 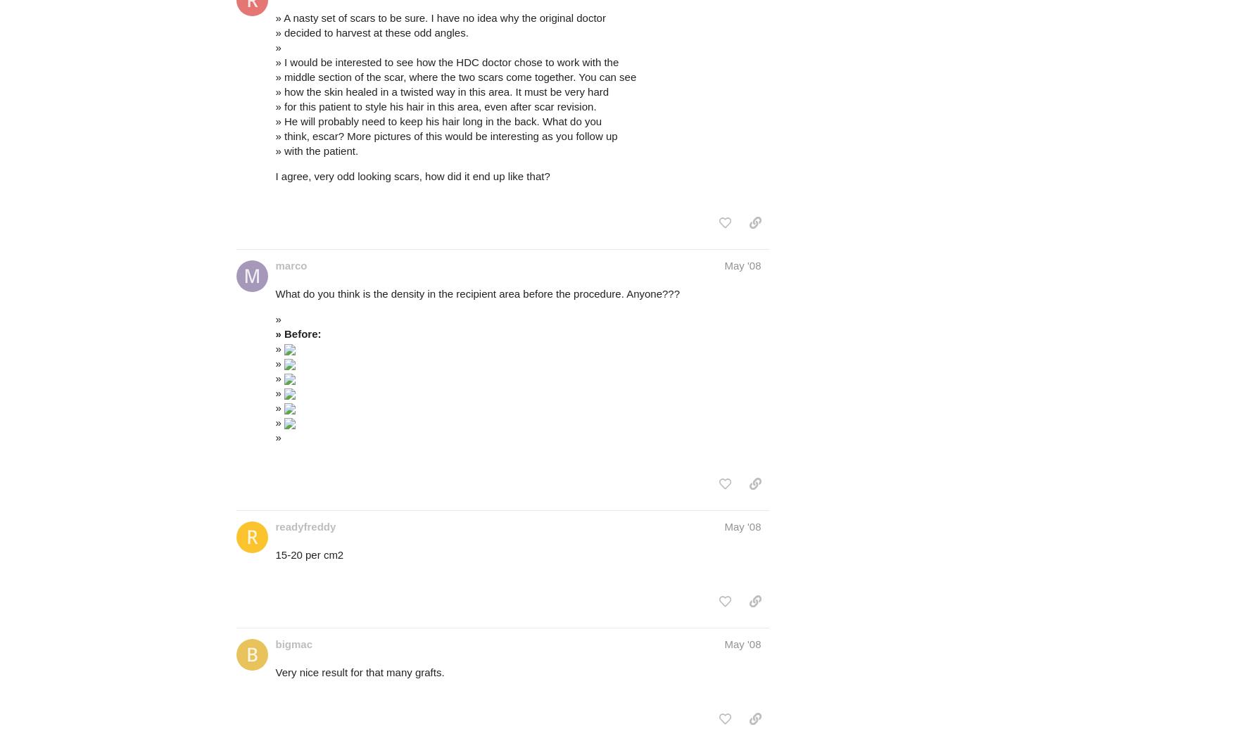 I want to click on 'readyfreddy', so click(x=305, y=526).